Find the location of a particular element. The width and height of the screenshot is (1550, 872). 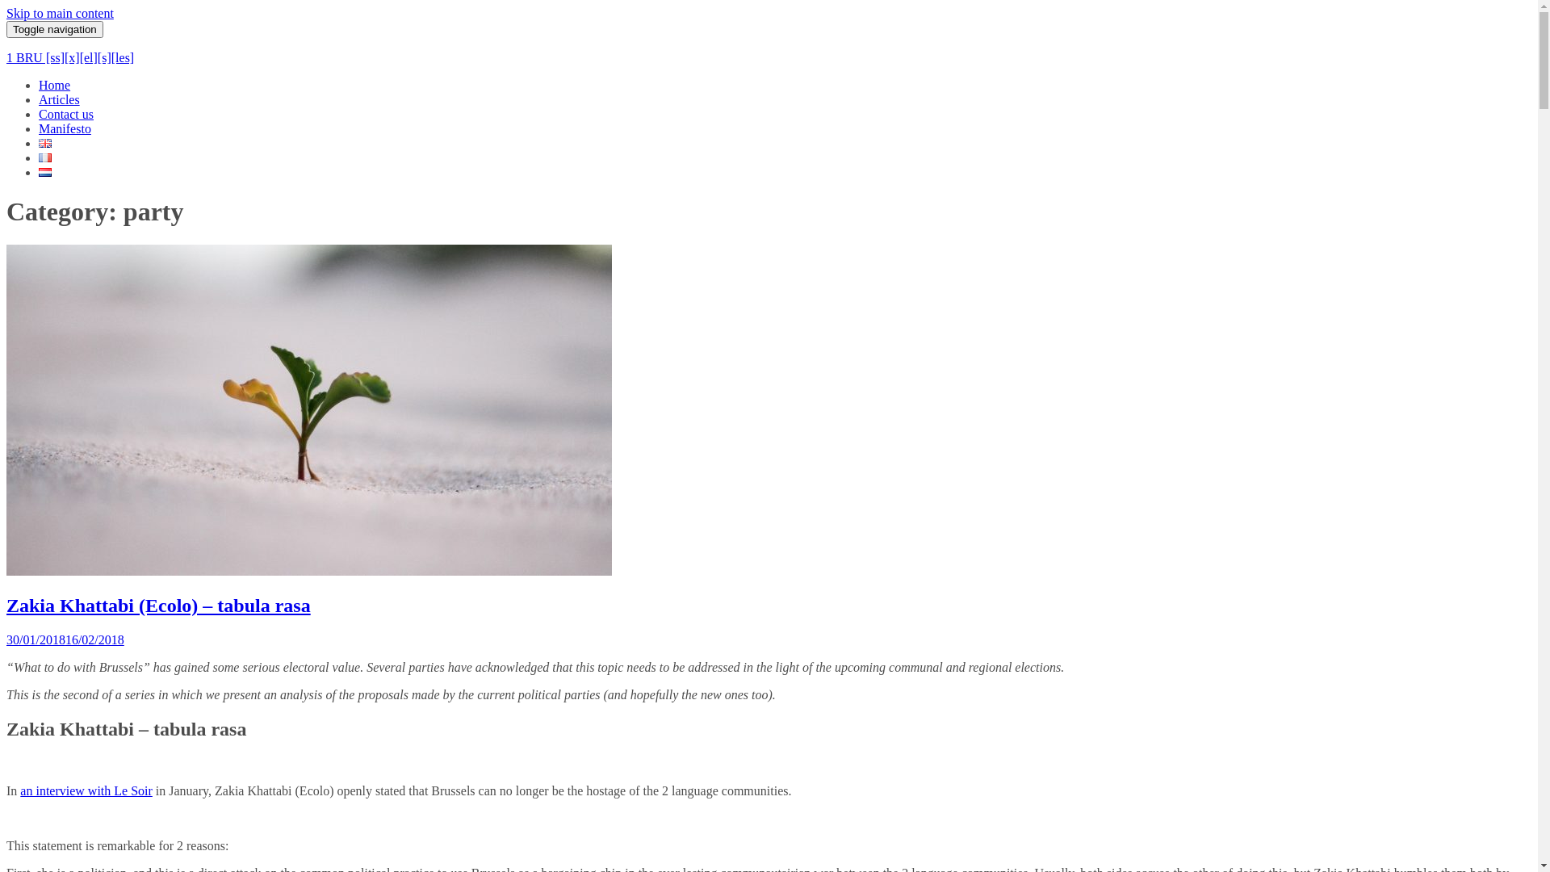

'Articles' is located at coordinates (59, 99).